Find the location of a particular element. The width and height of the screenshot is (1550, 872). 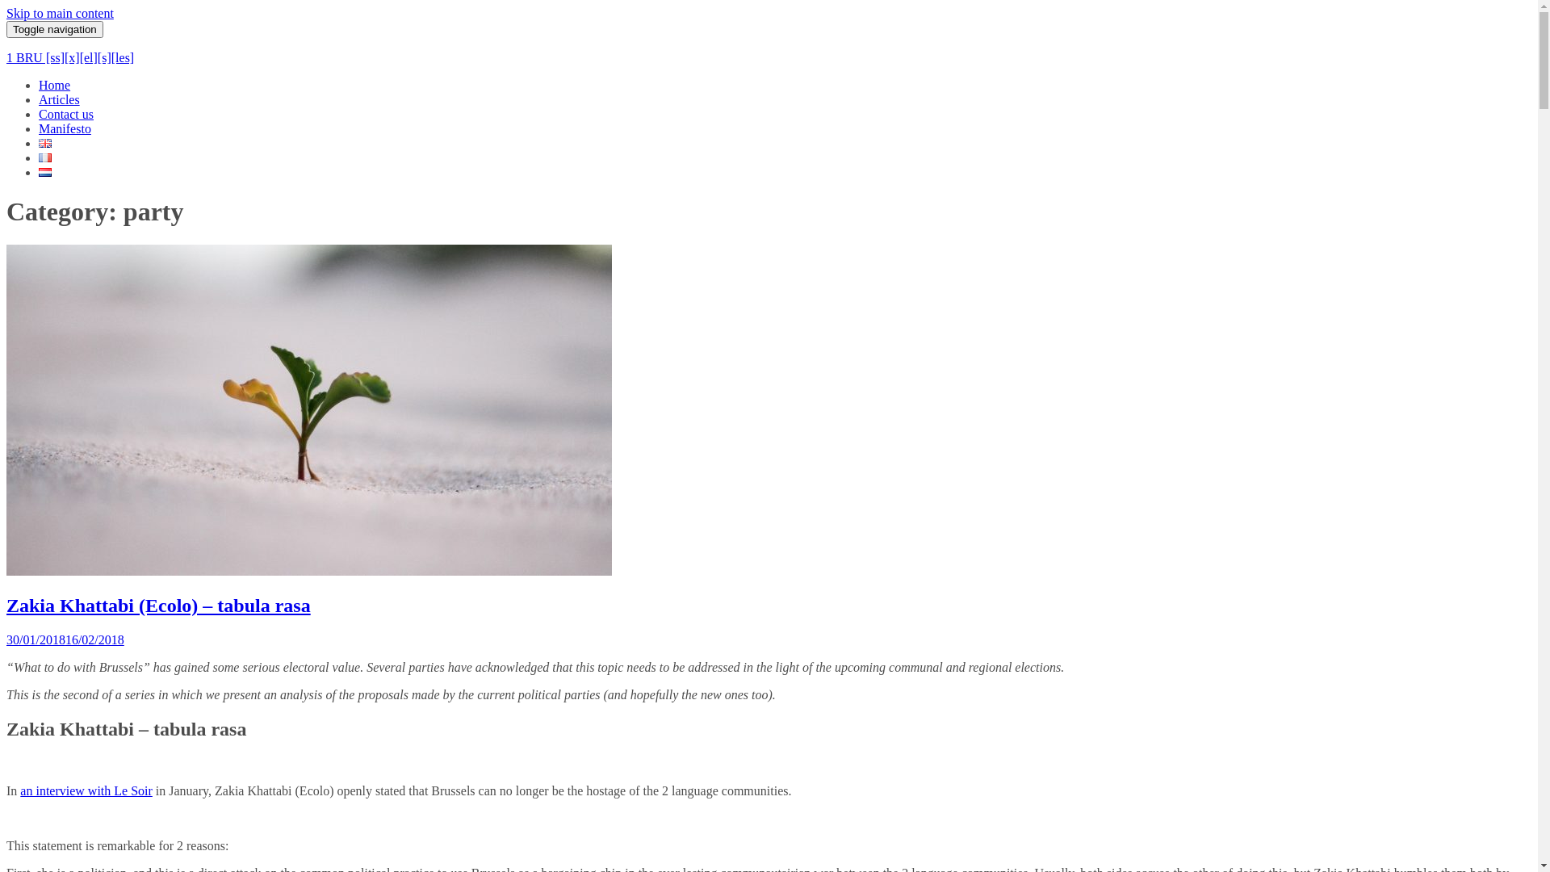

'Articles' is located at coordinates (59, 99).